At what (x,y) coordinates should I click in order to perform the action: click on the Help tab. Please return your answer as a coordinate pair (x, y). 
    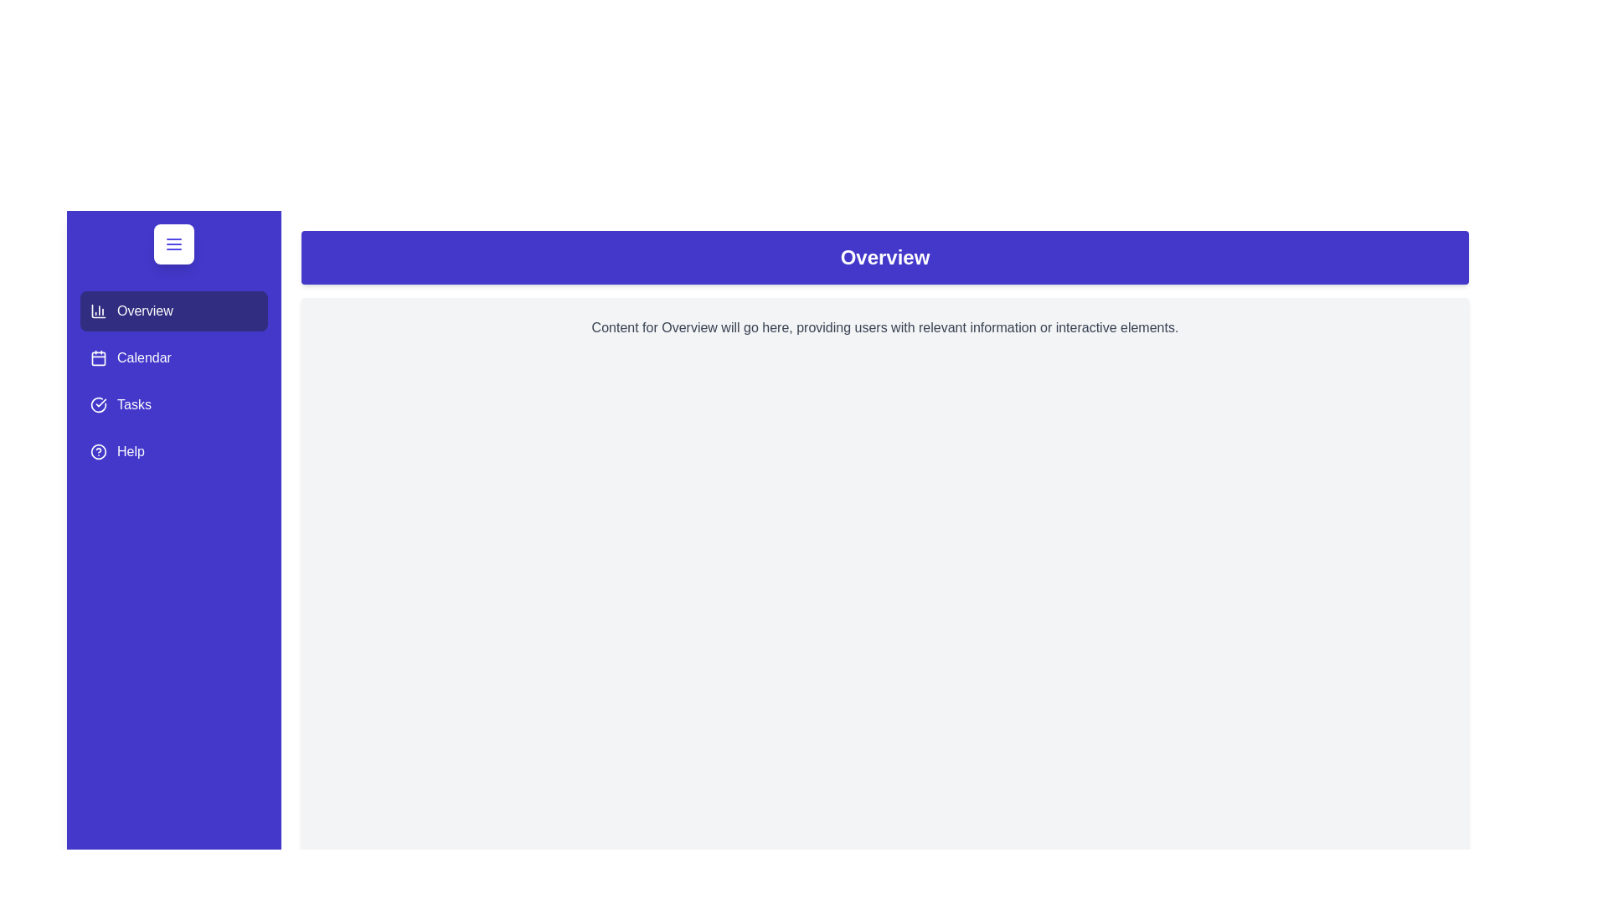
    Looking at the image, I should click on (173, 452).